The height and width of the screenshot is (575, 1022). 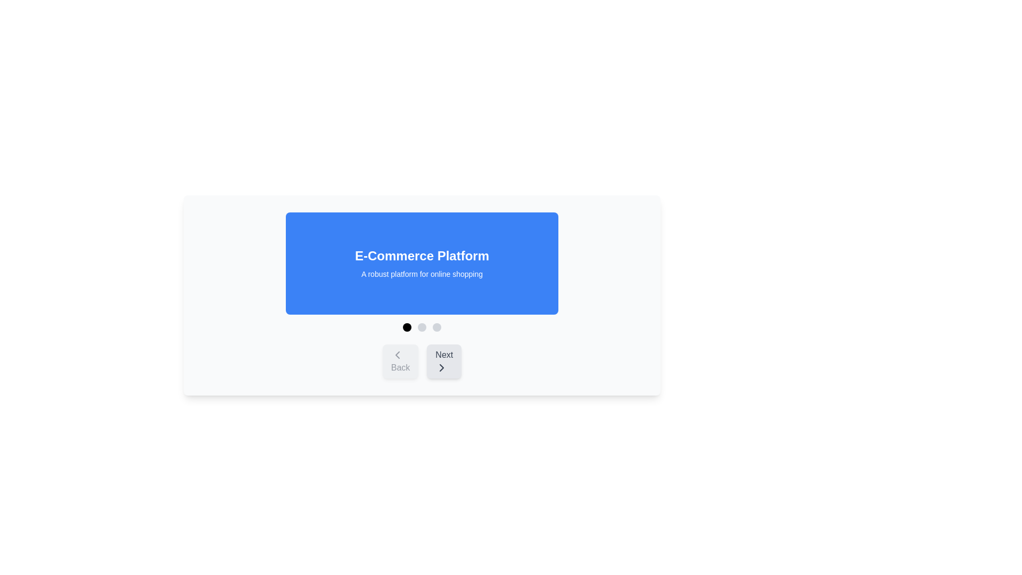 I want to click on the SVG icon located at the right end of the 'Next' button, which is part of the navigation interface below the 'E-Commerce Platform' header, so click(x=442, y=367).